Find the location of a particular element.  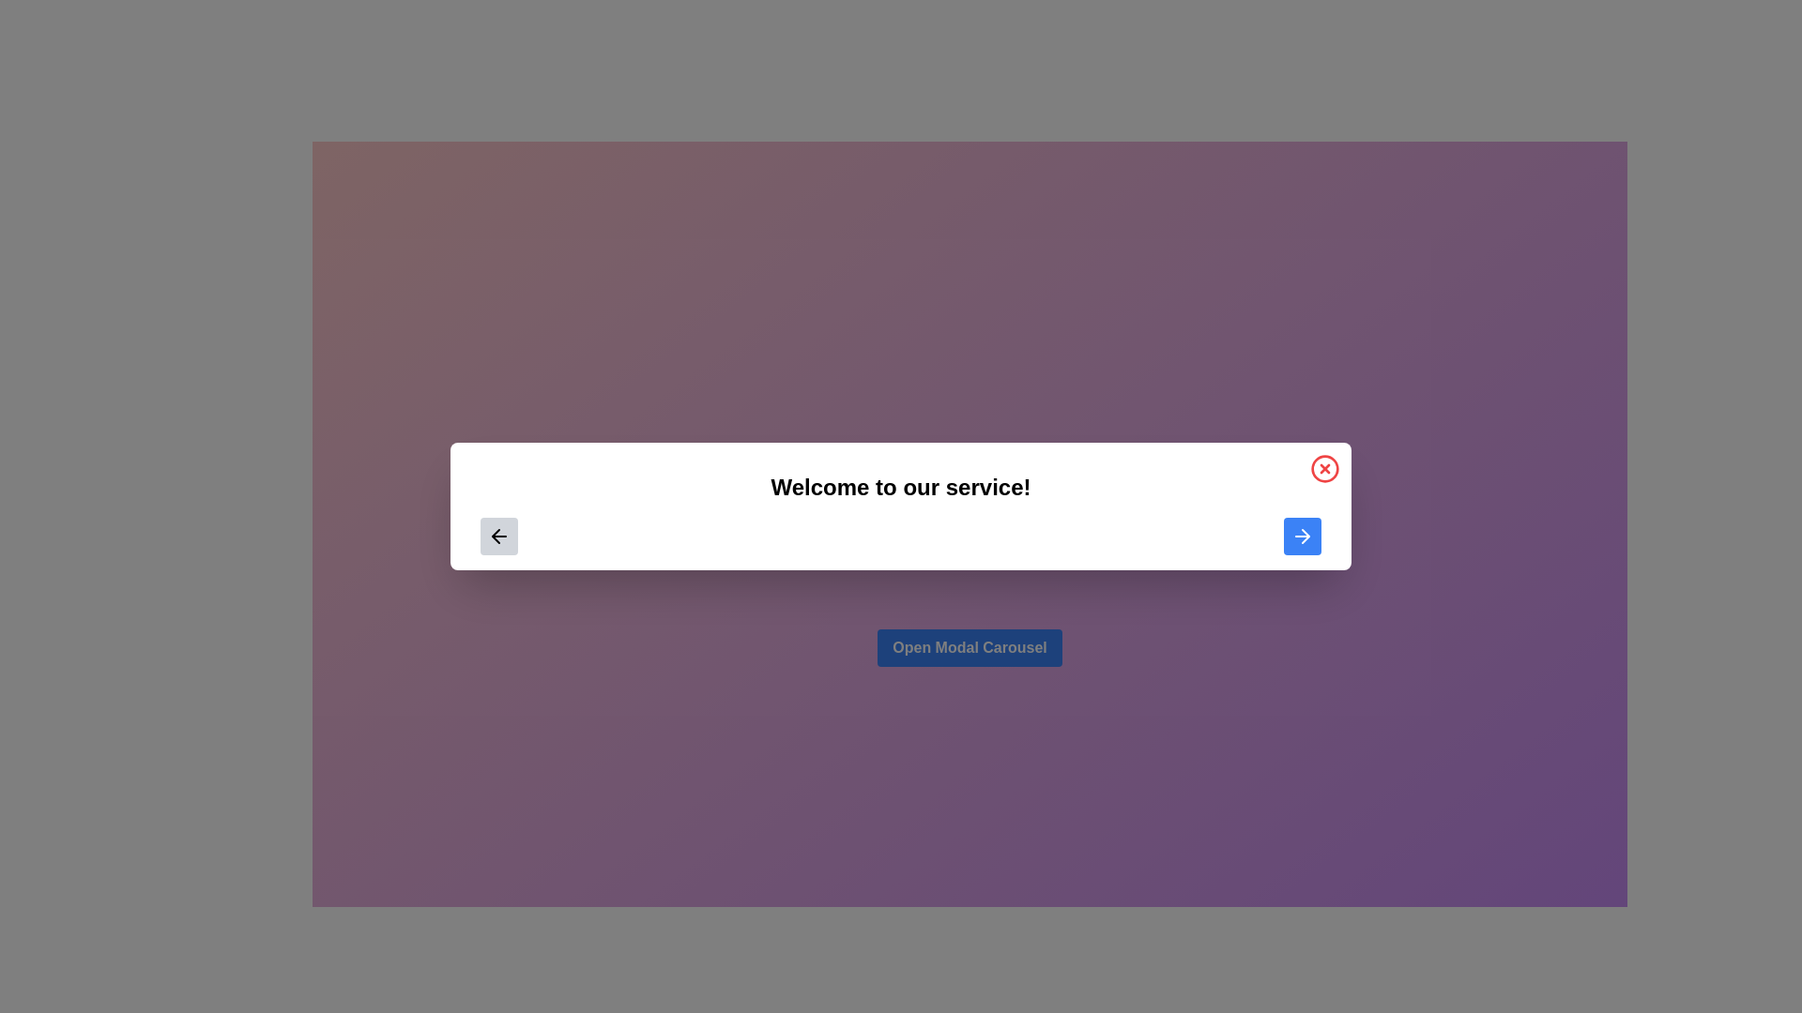

the back button located on the far left of the horizontal group within the modal interface is located at coordinates (499, 536).